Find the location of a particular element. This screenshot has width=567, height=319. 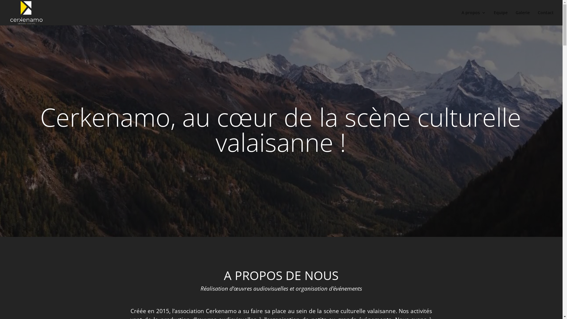

'Contact' is located at coordinates (545, 18).